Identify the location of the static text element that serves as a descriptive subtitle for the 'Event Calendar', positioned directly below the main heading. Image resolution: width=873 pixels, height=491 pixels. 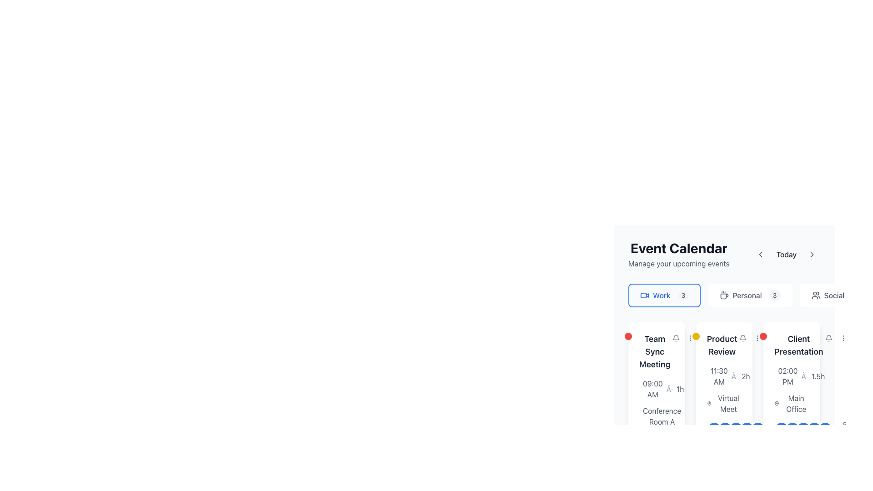
(679, 263).